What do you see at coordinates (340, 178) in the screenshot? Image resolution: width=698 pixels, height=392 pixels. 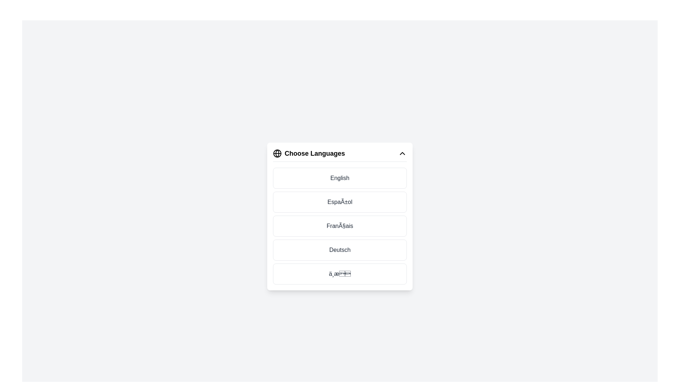 I see `keyboard navigation` at bounding box center [340, 178].